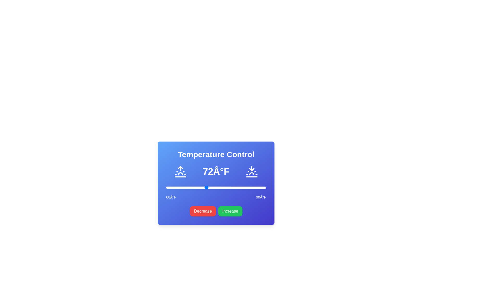 The image size is (500, 281). I want to click on the temperature to 68°F using the slider, so click(192, 188).